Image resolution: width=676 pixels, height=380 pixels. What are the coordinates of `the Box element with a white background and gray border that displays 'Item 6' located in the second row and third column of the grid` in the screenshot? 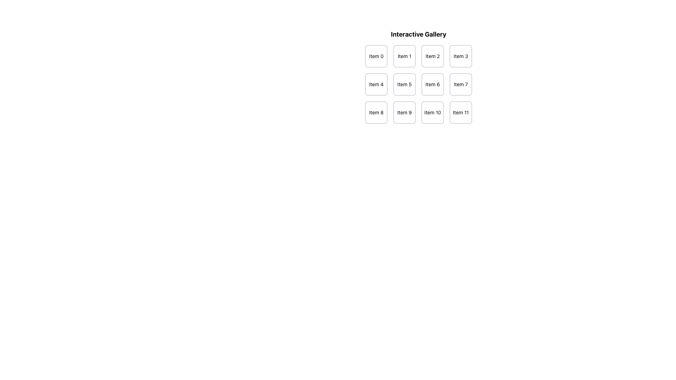 It's located at (432, 84).